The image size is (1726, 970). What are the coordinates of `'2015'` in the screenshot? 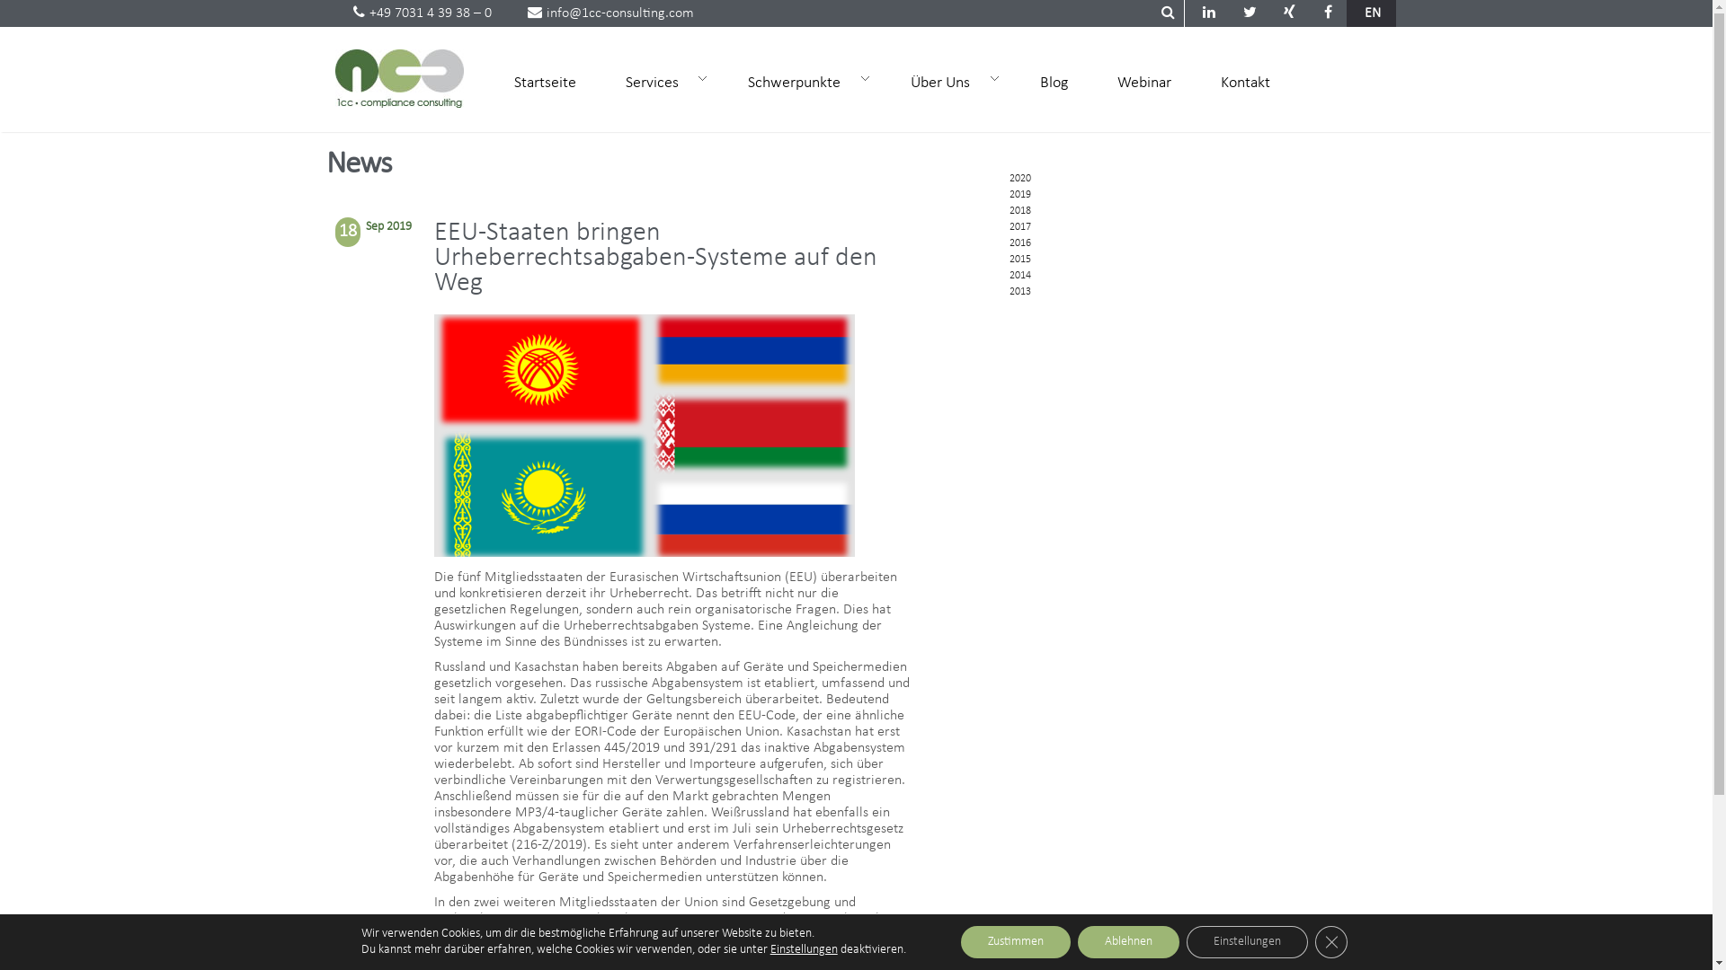 It's located at (1009, 260).